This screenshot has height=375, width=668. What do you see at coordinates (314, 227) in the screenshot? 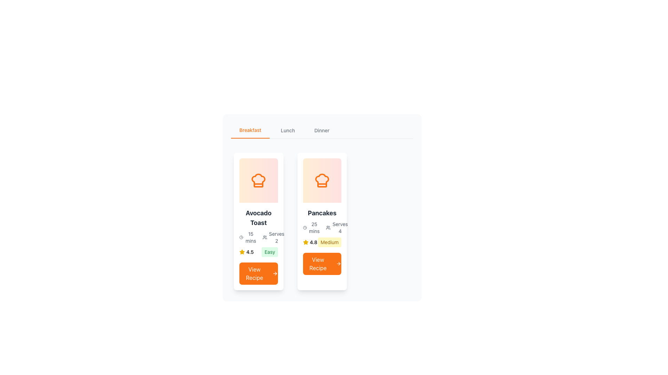
I see `the Text Display element showing '25 mins' which is located in the 'Pancakes' card, positioned below the chef's hat image and above the 'Serves' text` at bounding box center [314, 227].